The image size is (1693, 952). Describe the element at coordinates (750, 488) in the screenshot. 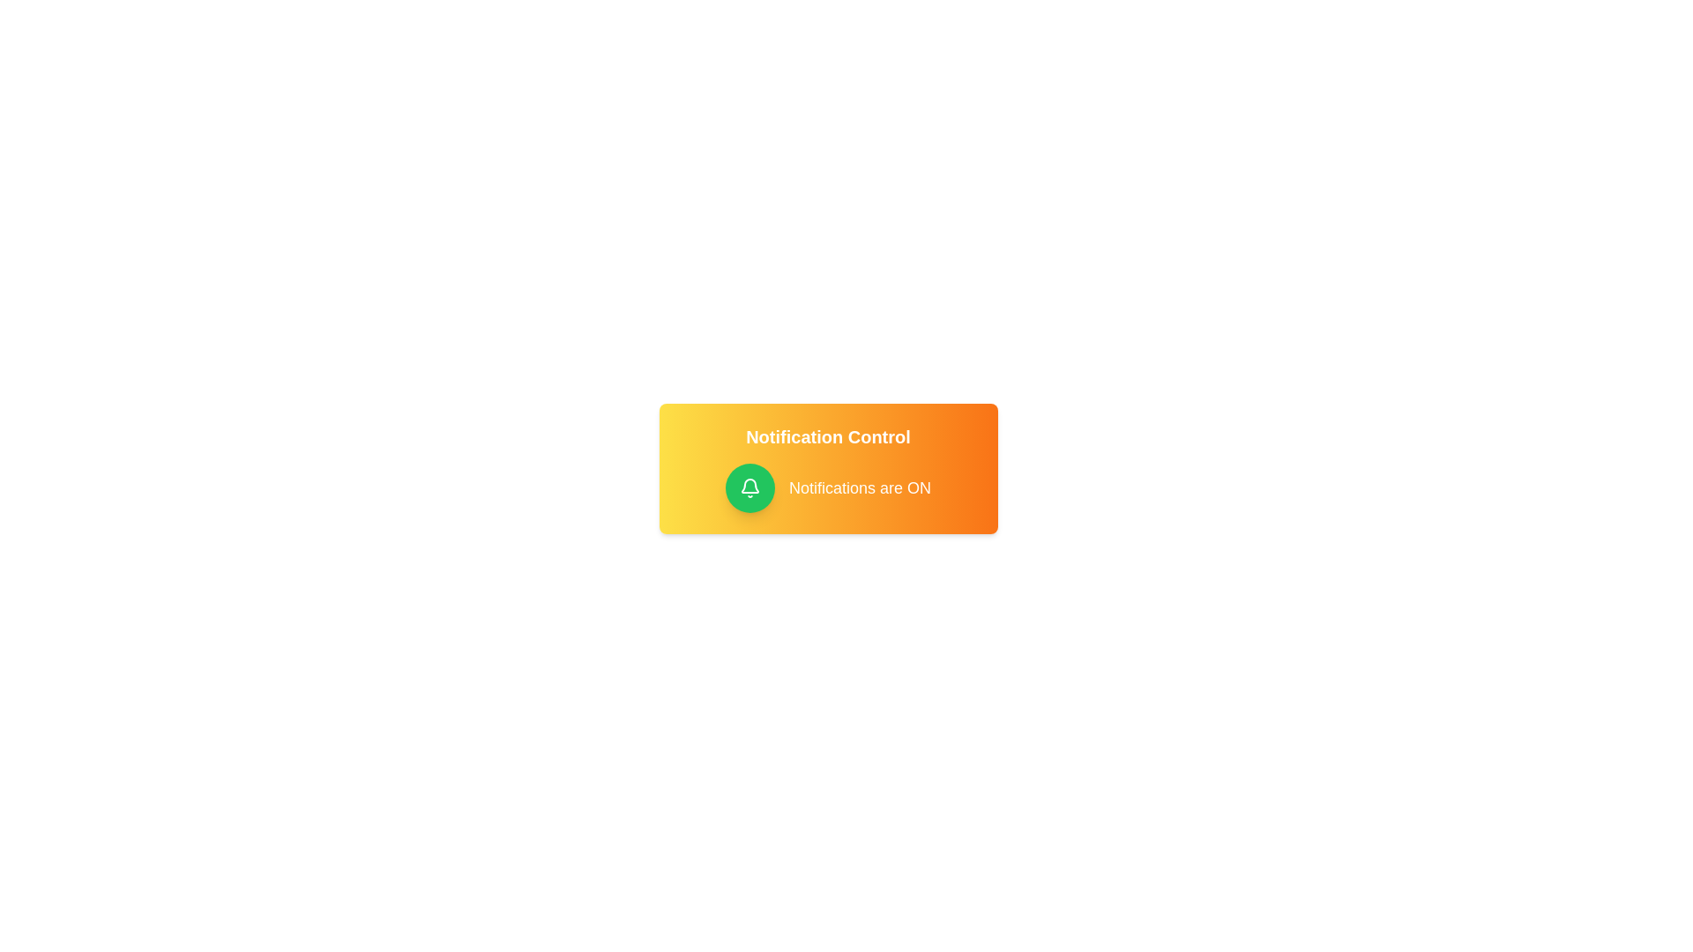

I see `the button to observe the hover effect` at that location.